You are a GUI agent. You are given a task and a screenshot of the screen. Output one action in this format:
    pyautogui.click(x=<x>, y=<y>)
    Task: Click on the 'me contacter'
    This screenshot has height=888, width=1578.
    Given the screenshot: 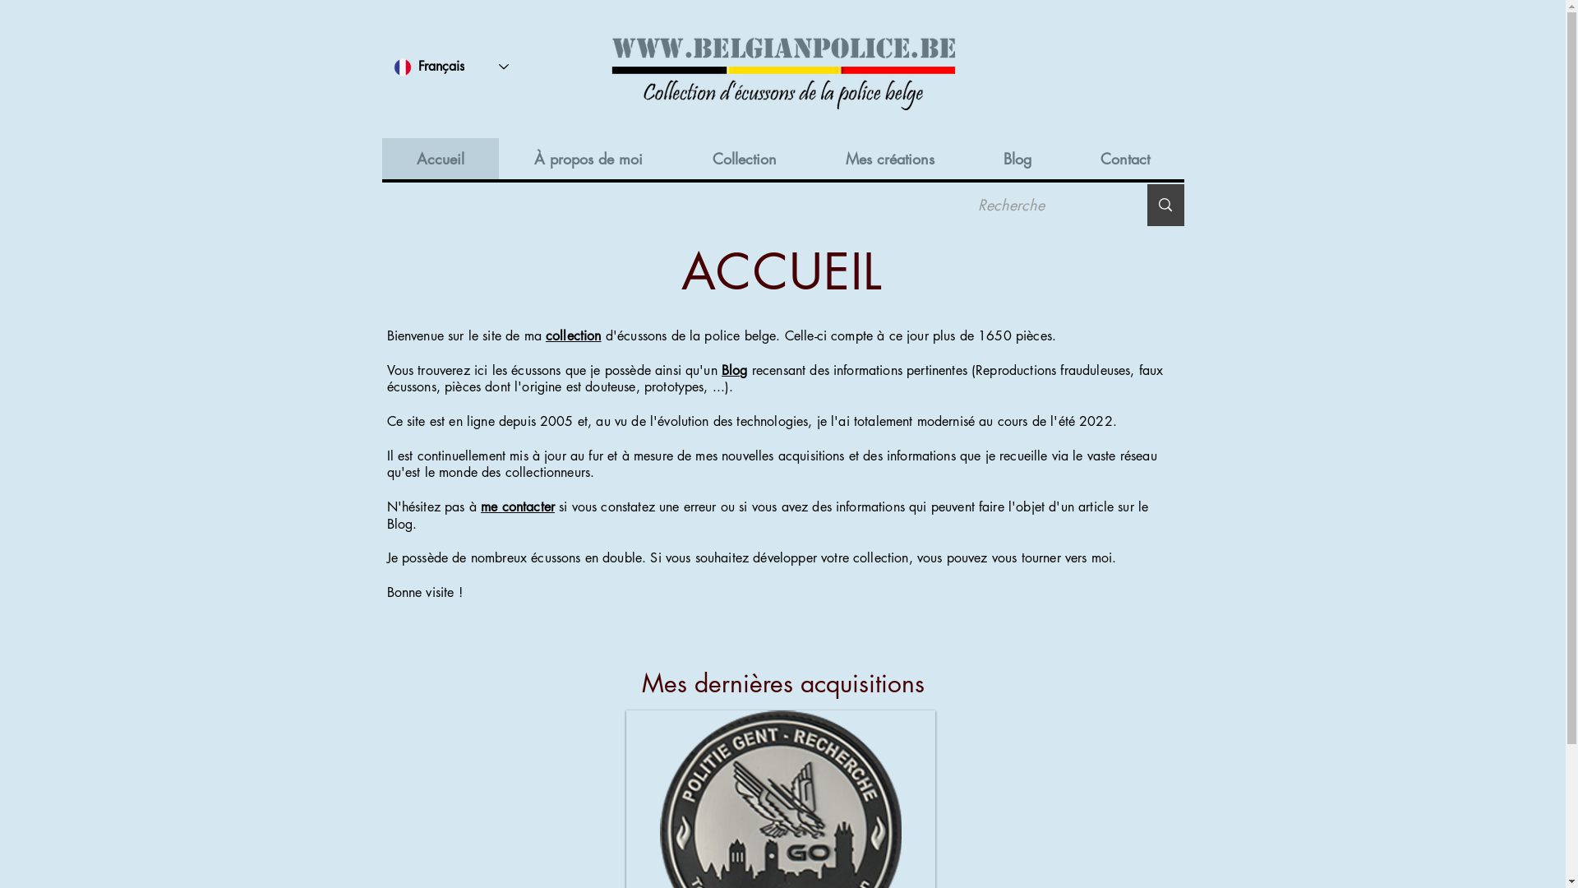 What is the action you would take?
    pyautogui.click(x=516, y=506)
    